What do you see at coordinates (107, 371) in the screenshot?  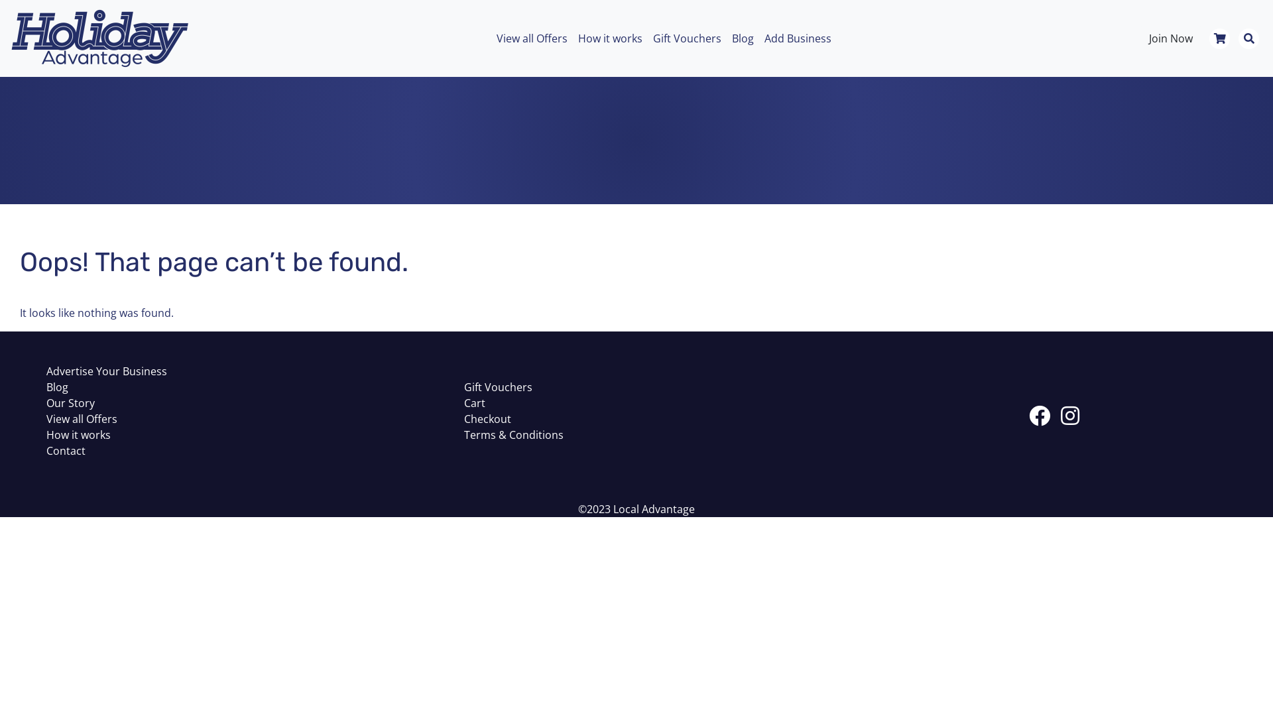 I see `'Advertise Your Business'` at bounding box center [107, 371].